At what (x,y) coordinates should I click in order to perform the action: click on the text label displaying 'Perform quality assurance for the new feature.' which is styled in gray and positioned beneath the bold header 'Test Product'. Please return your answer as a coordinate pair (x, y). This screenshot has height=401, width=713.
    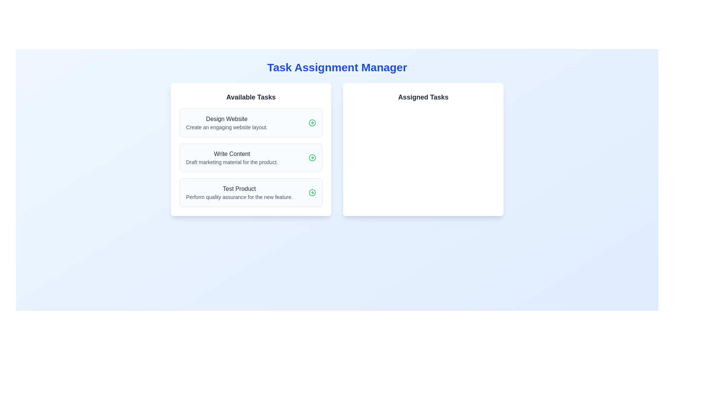
    Looking at the image, I should click on (239, 197).